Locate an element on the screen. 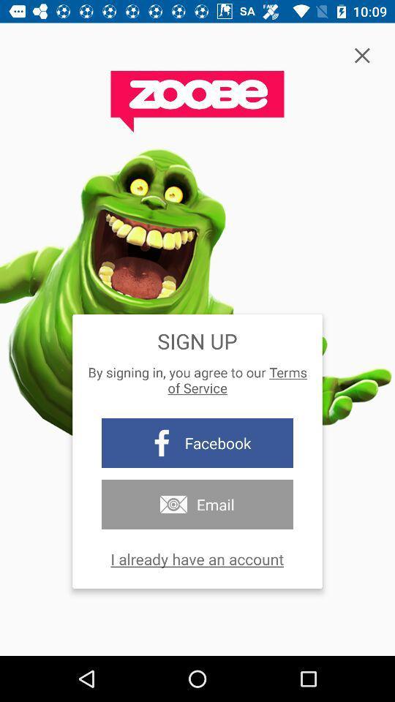 Image resolution: width=395 pixels, height=702 pixels. i already have icon is located at coordinates (197, 558).